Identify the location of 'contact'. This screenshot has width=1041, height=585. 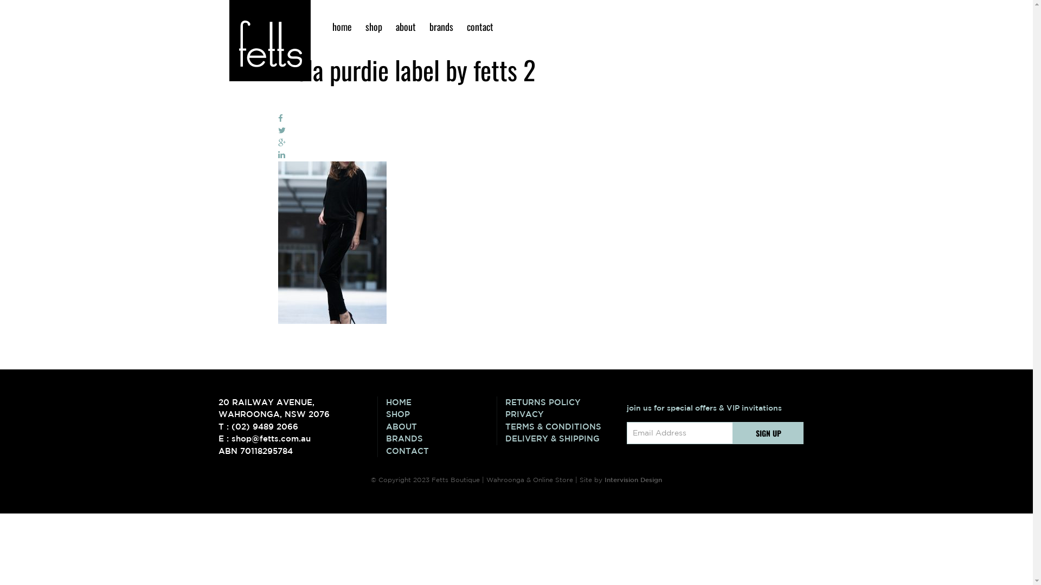
(479, 26).